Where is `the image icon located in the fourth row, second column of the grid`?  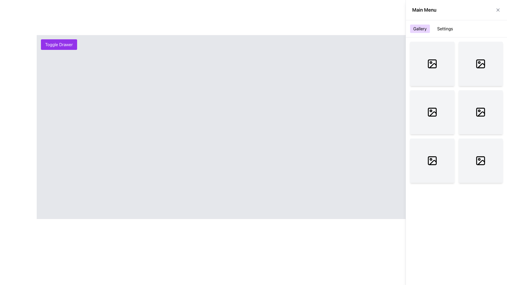 the image icon located in the fourth row, second column of the grid is located at coordinates (432, 160).